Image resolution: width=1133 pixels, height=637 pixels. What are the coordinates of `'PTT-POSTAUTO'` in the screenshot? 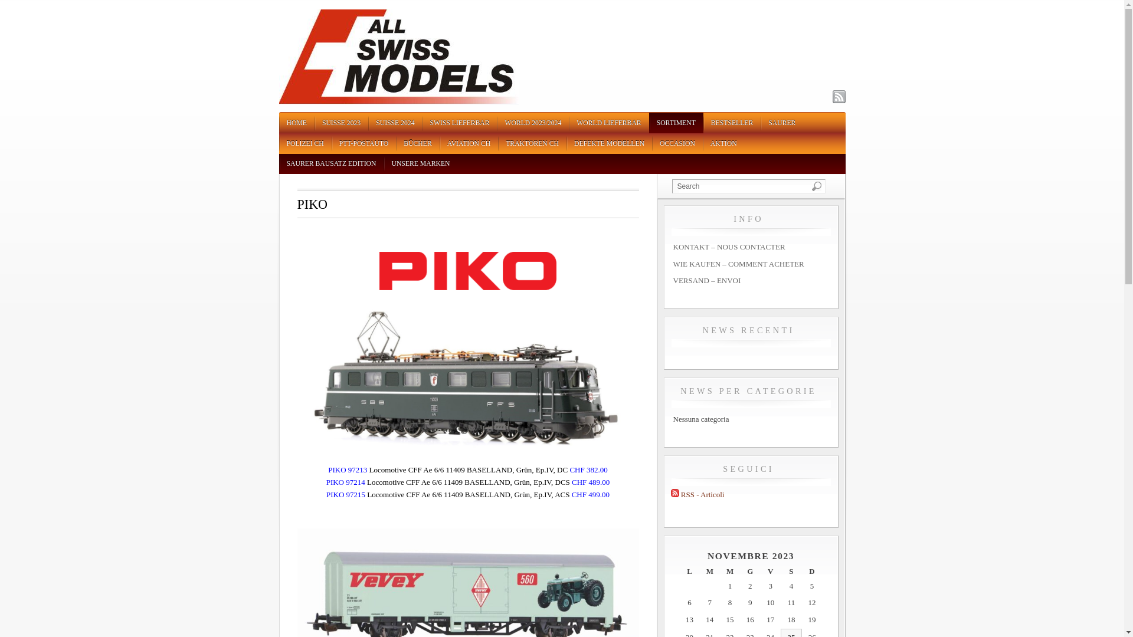 It's located at (364, 143).